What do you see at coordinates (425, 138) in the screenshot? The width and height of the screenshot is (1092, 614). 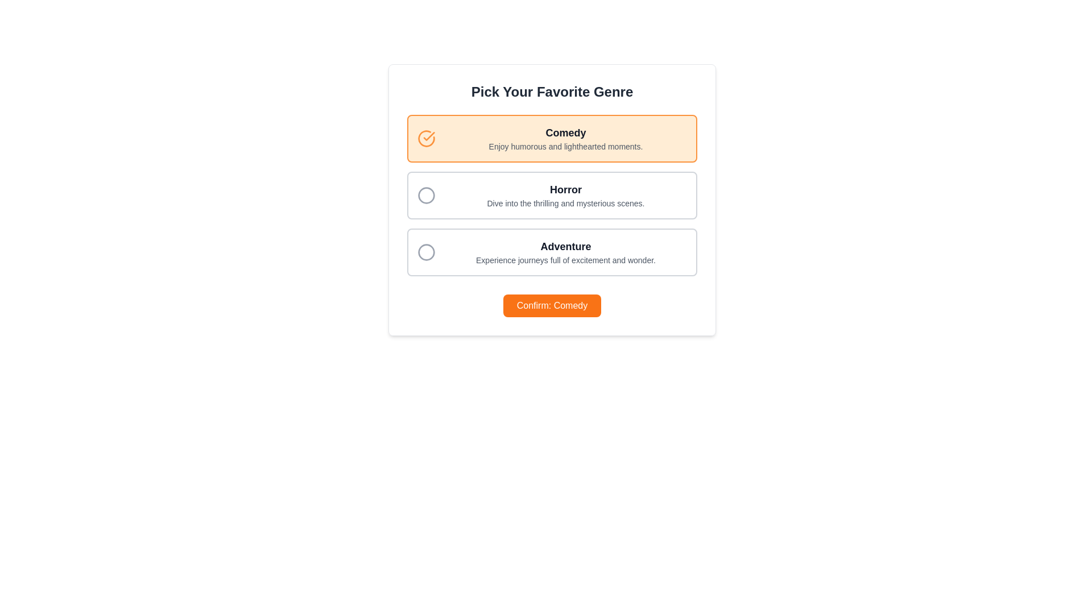 I see `the visual indicator icon that shows the 'Comedy' genre has been selected, located at the top left corner of the 'Comedy' selection option` at bounding box center [425, 138].